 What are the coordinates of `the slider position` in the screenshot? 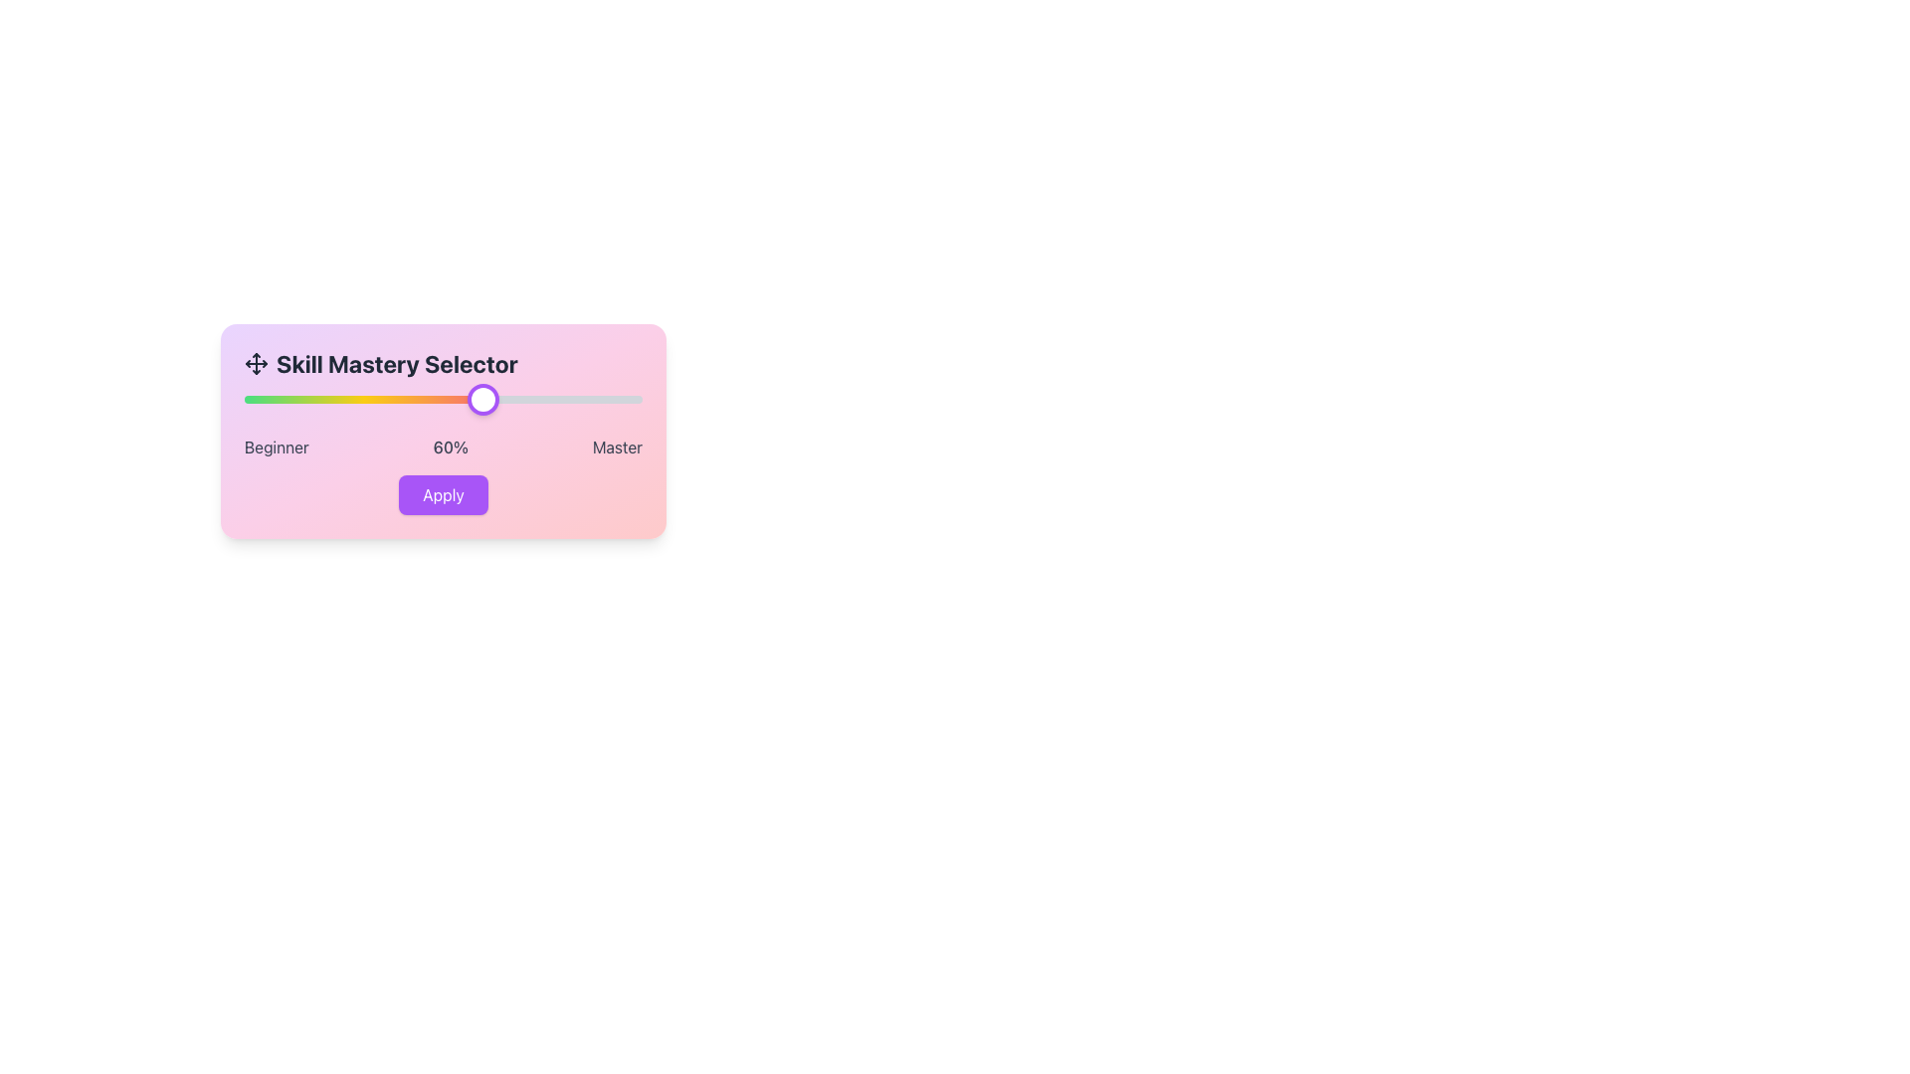 It's located at (586, 399).